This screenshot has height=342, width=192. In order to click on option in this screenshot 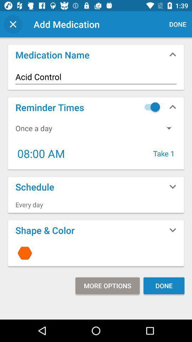, I will do `click(150, 107)`.